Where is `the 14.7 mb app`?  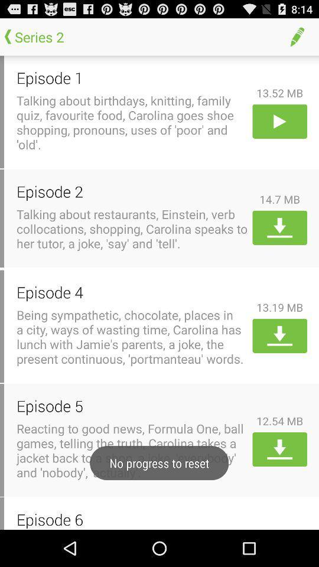
the 14.7 mb app is located at coordinates (279, 199).